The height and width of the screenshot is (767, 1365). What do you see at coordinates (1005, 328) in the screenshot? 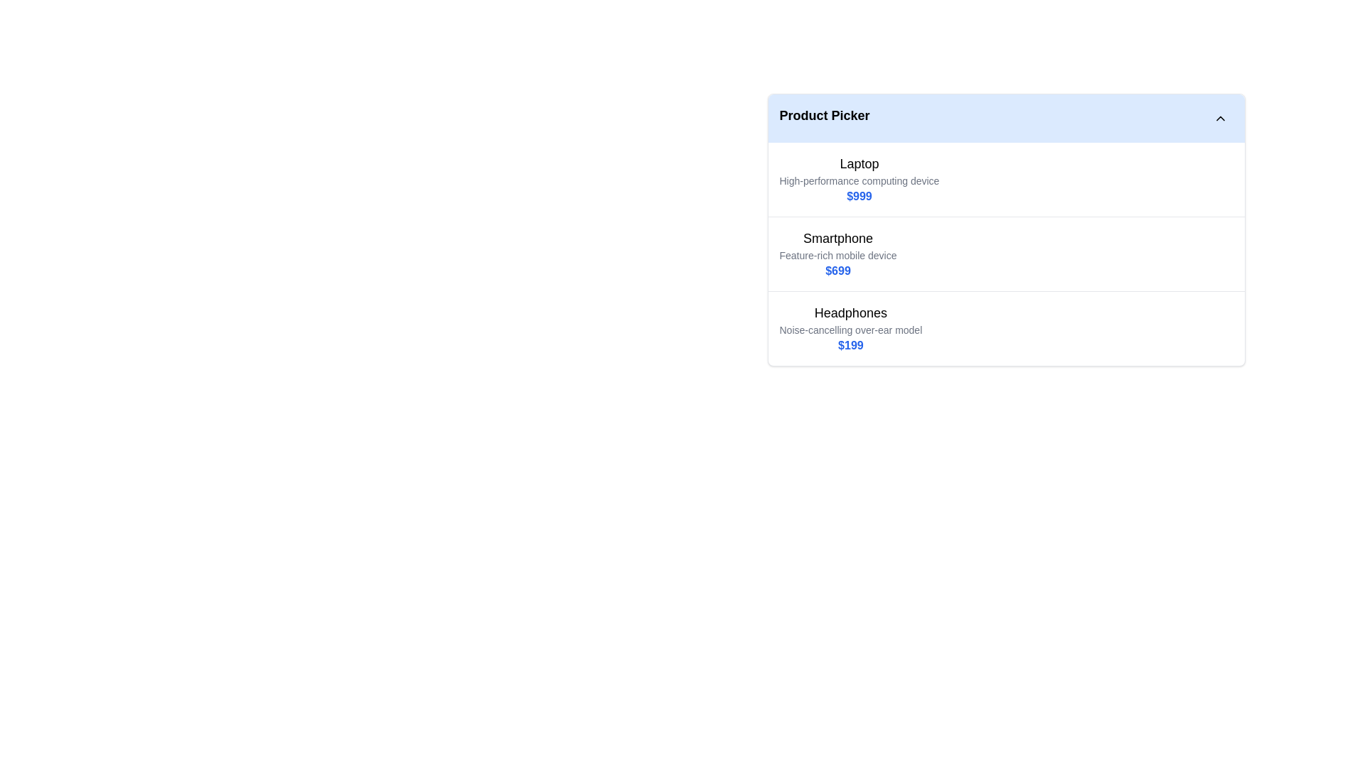
I see `the third product entry in the 'Product Picker' list, which provides details about a specific product including its name, description, and price` at bounding box center [1005, 328].